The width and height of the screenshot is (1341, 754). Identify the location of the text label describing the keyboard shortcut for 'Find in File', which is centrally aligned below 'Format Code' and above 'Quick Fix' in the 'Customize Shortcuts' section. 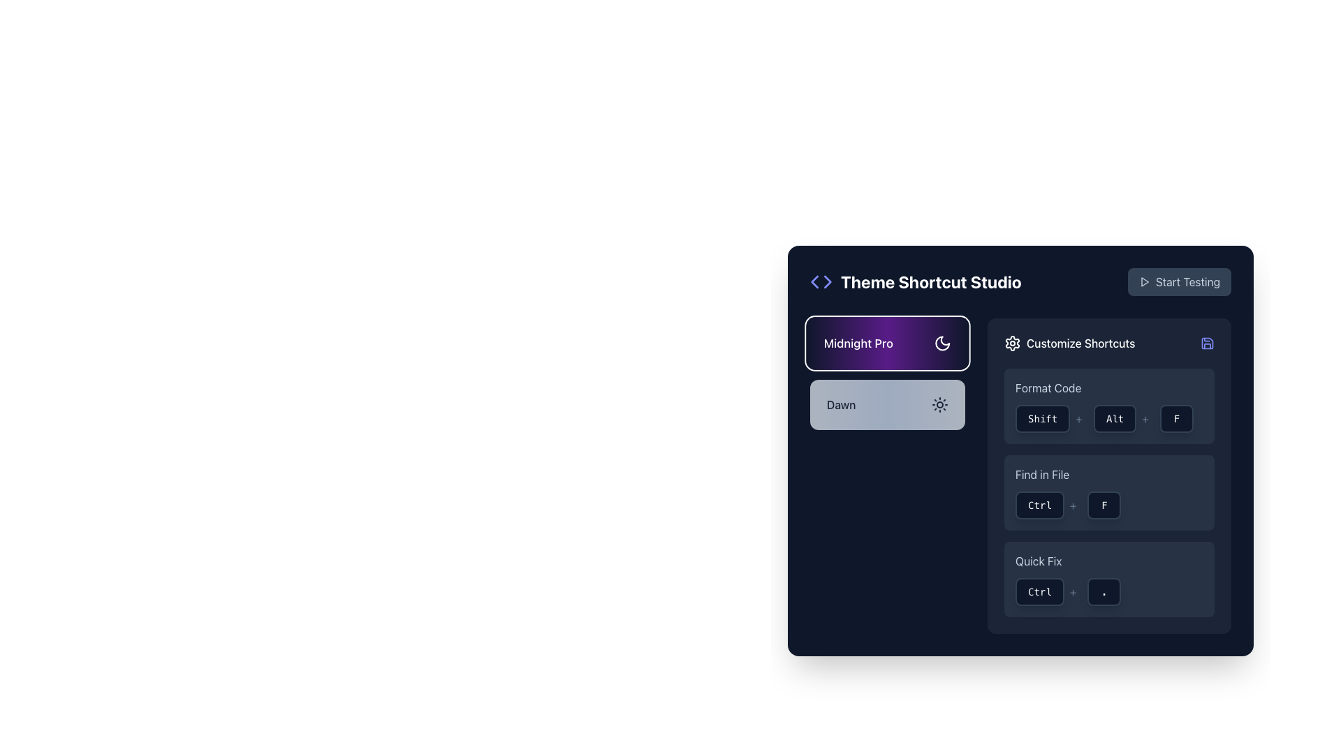
(1042, 473).